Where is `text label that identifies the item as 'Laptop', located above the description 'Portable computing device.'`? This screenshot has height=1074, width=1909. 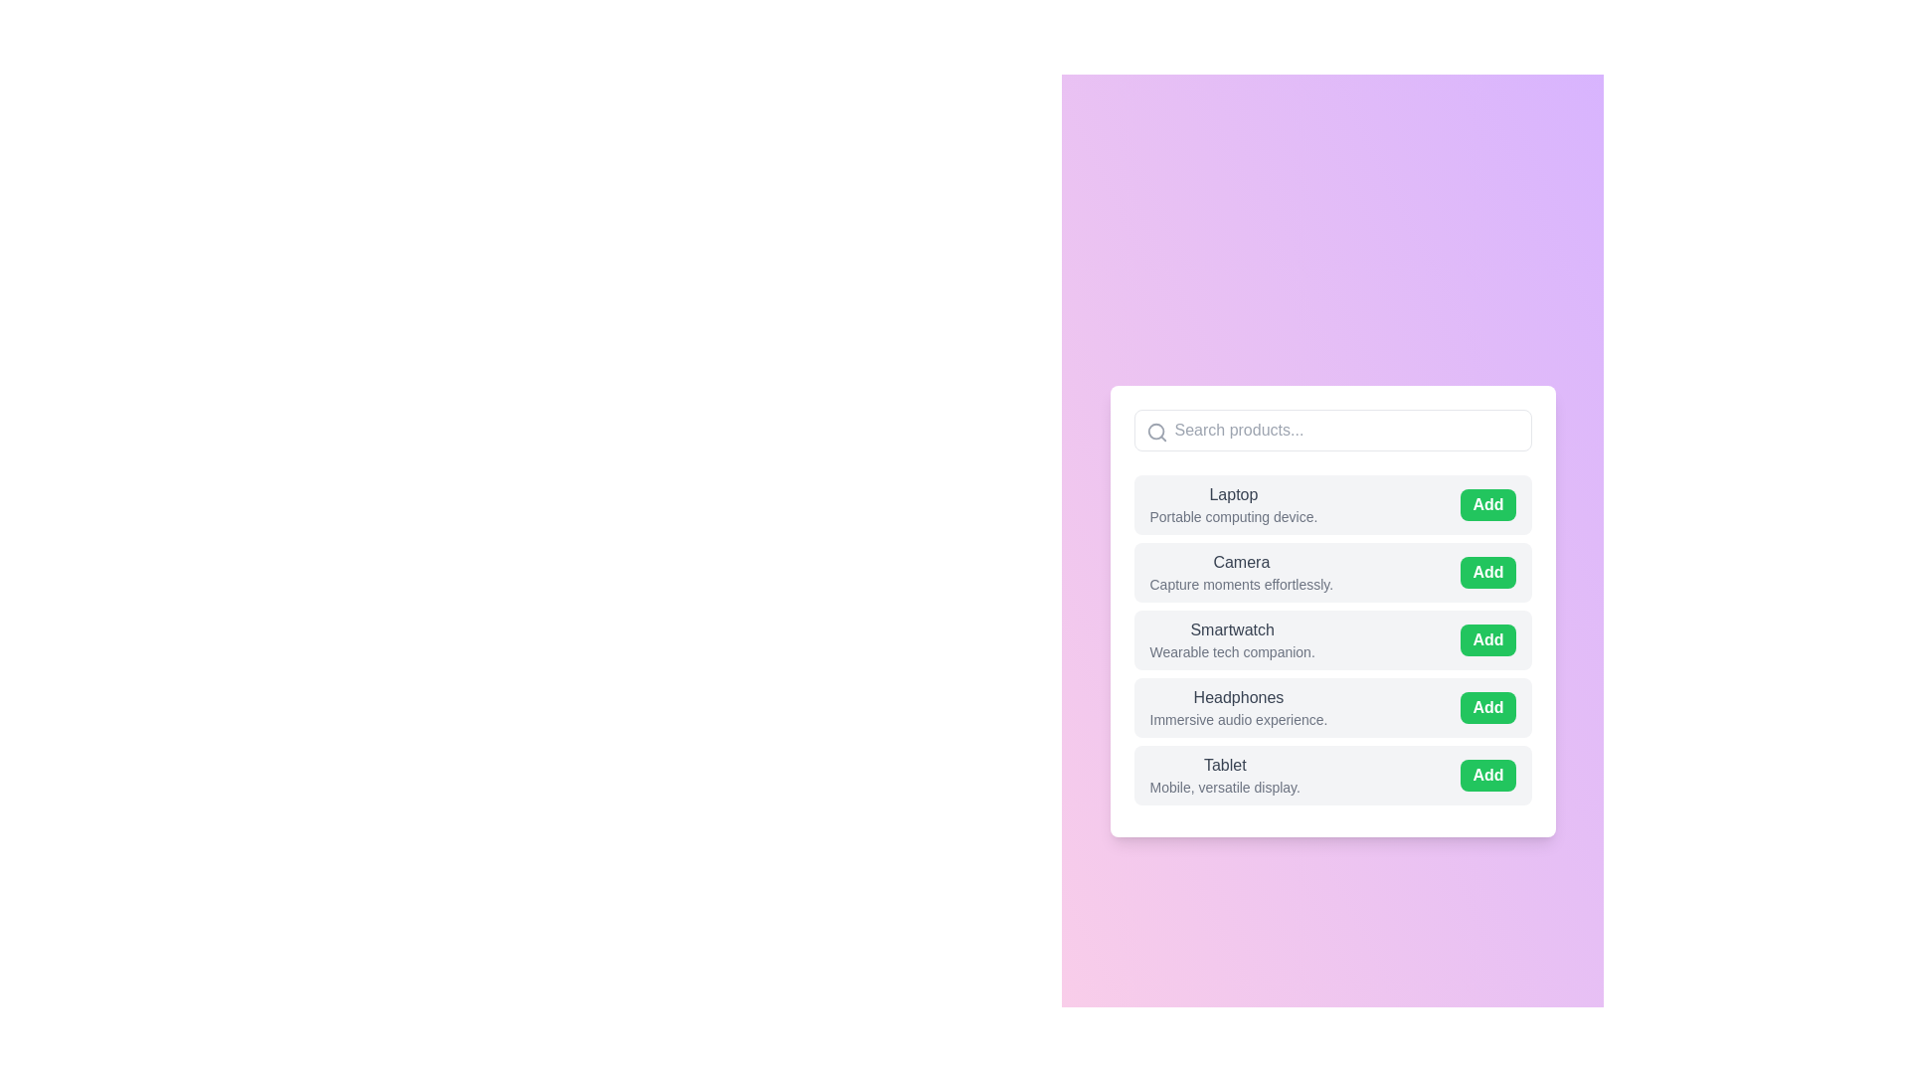
text label that identifies the item as 'Laptop', located above the description 'Portable computing device.' is located at coordinates (1232, 493).